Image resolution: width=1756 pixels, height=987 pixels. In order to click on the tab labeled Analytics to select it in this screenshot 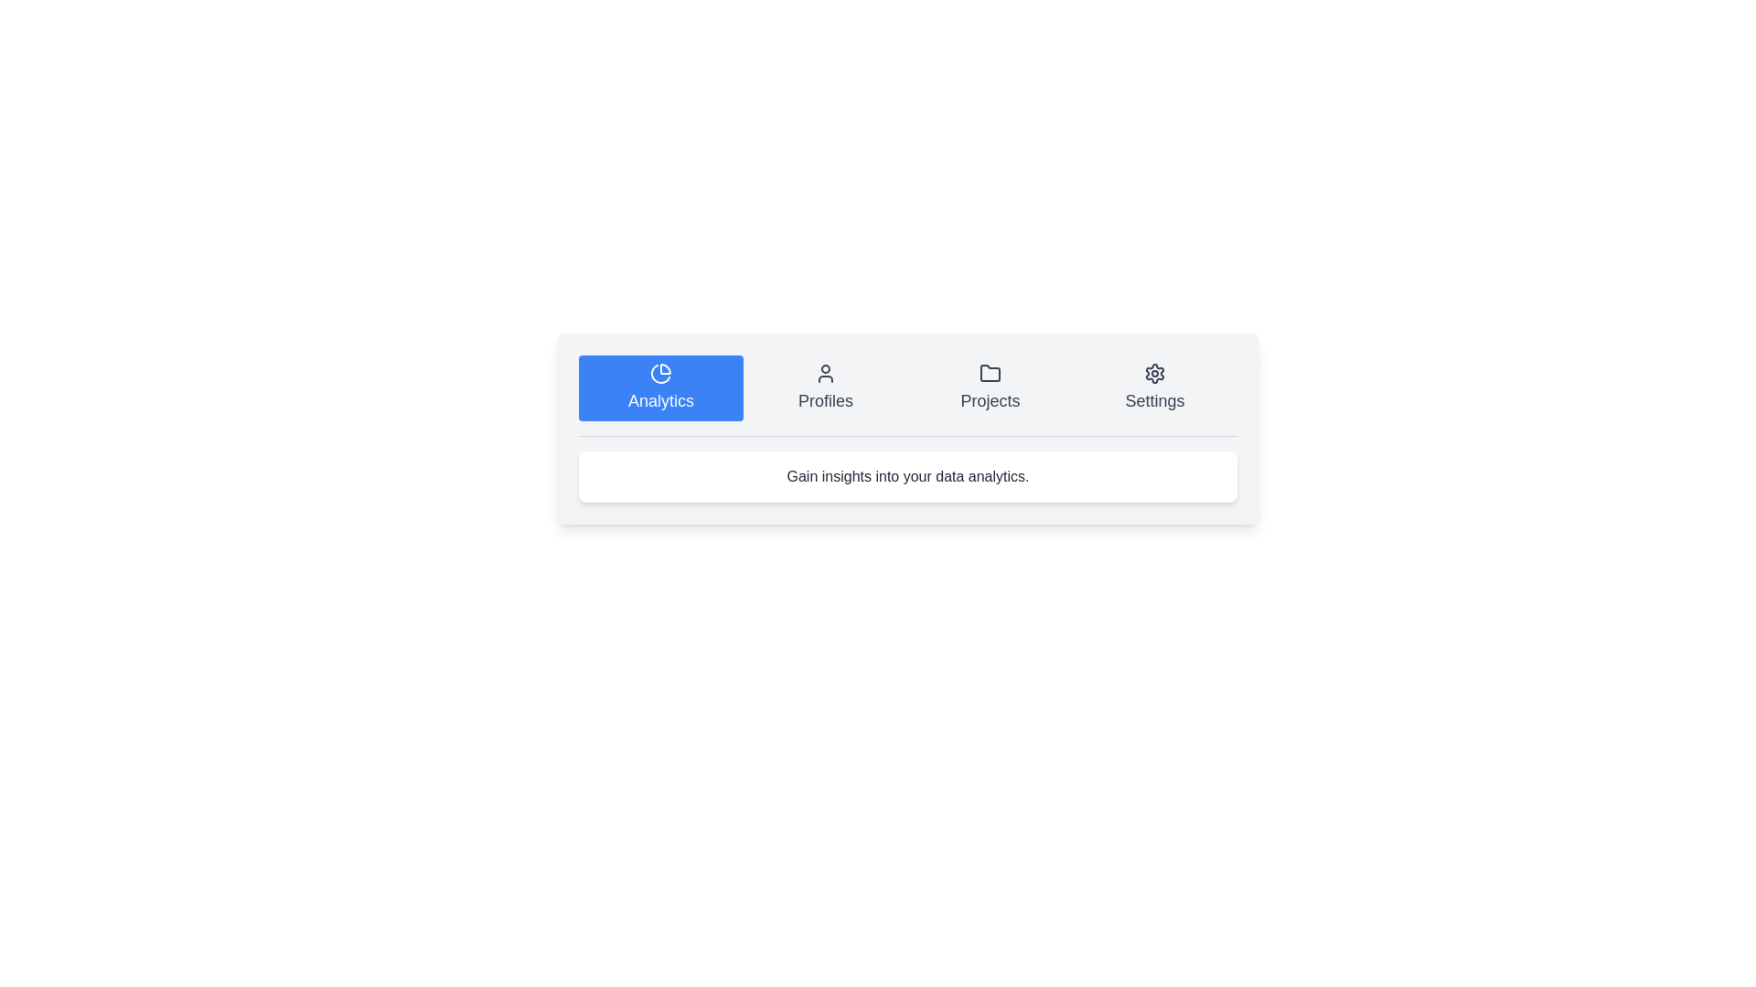, I will do `click(660, 387)`.